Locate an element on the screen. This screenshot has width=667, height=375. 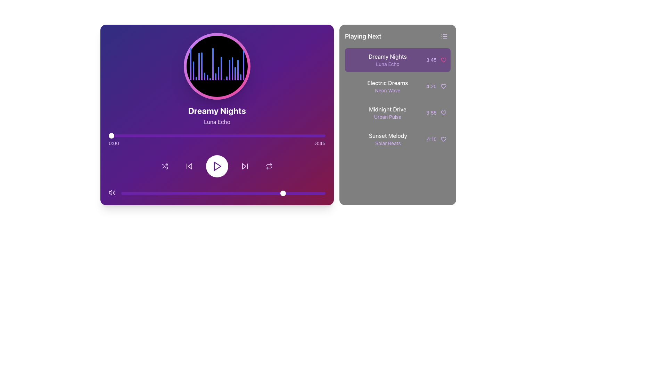
the progress bar located centrally within the audio player section is located at coordinates (216, 135).